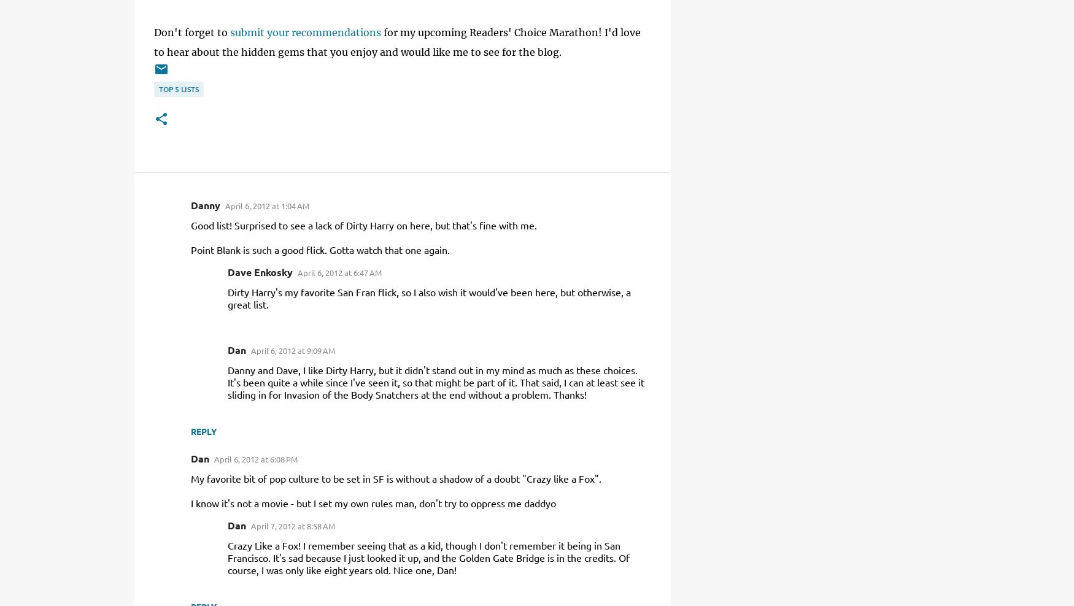  I want to click on 'Good list! Surprised to see a lack of Dirty Harry on here, but that's fine with me.', so click(190, 225).